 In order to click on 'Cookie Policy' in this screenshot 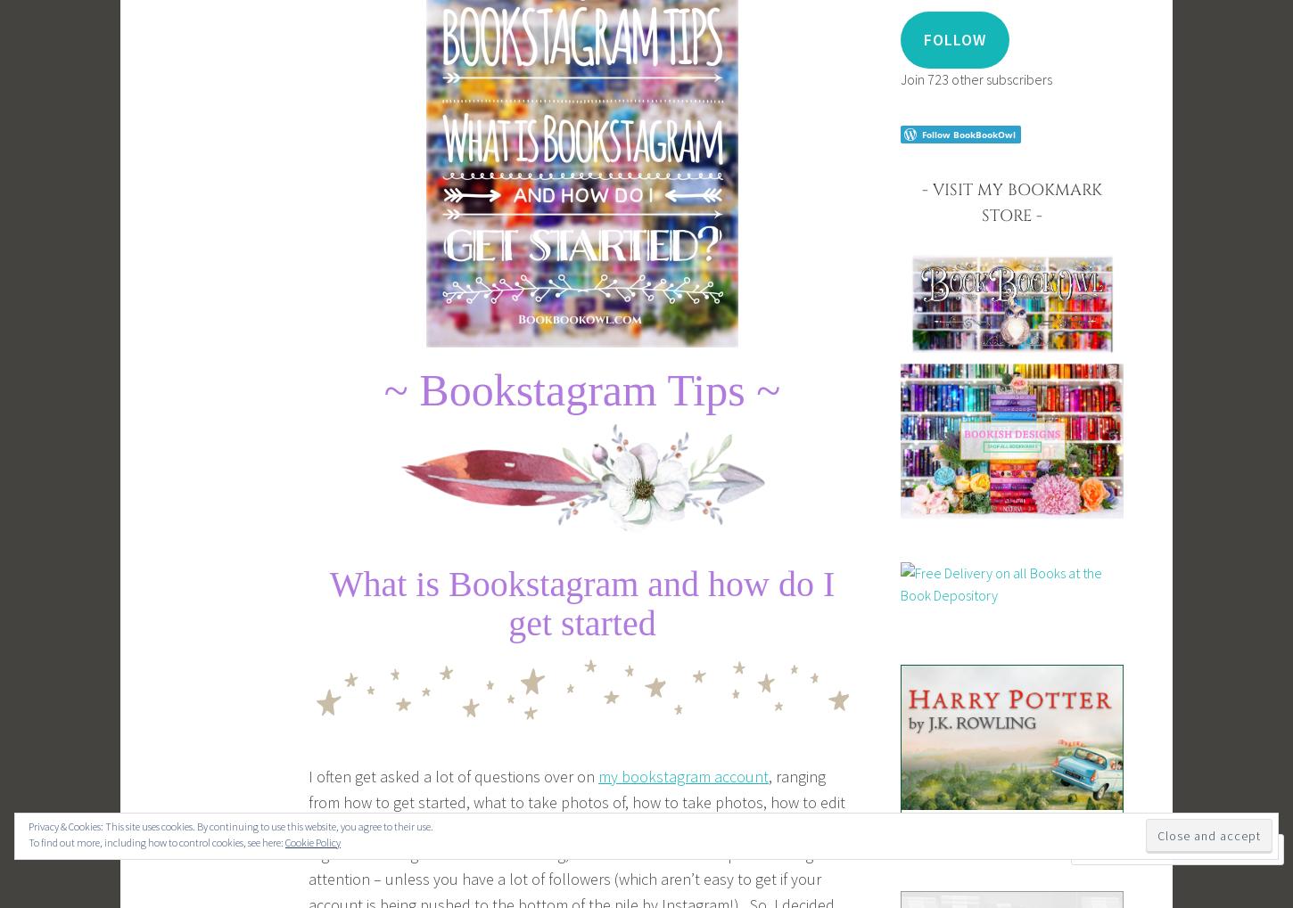, I will do `click(313, 841)`.